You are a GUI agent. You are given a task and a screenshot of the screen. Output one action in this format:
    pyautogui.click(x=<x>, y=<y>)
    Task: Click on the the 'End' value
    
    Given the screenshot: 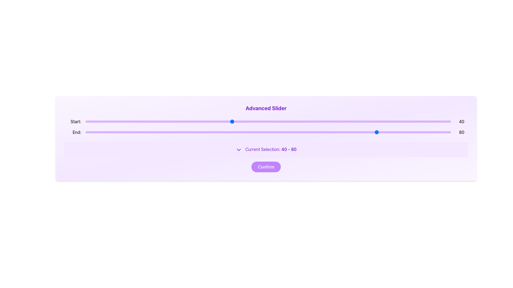 What is the action you would take?
    pyautogui.click(x=316, y=132)
    